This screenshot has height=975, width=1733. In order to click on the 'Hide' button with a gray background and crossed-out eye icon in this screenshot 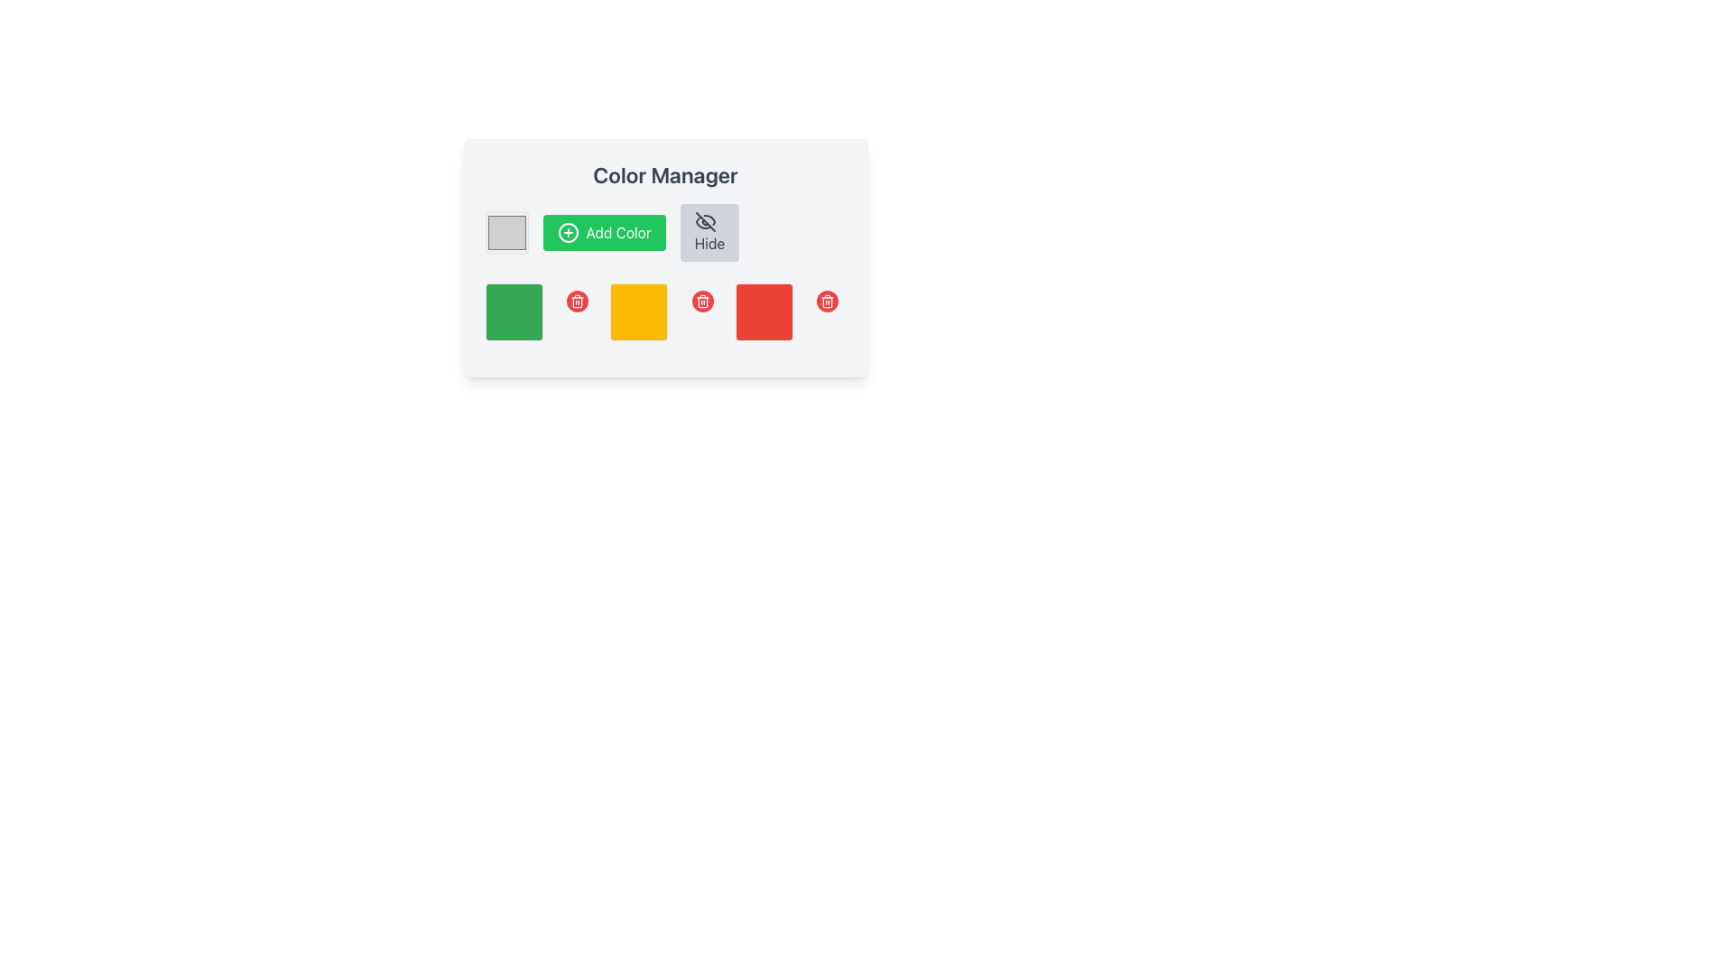, I will do `click(709, 232)`.